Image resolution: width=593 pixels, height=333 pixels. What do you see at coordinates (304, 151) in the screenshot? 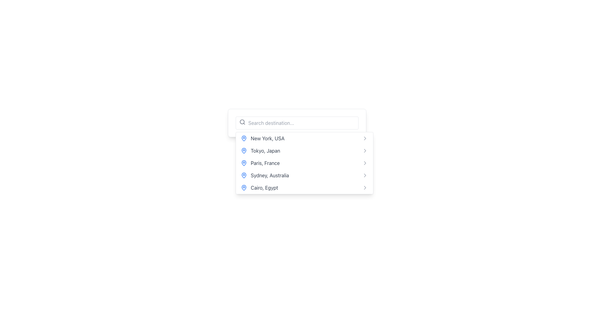
I see `to select the dropdown menu item labeled 'Tokyo, Japan', which is the second item in the list below 'New York, USA'` at bounding box center [304, 151].